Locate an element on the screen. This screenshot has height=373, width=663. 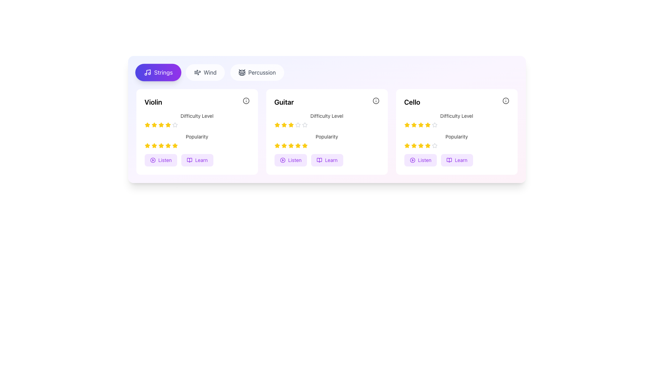
the wind category icon, which is the first graphical icon in the horizontal navigation section below the header, located to the left of the 'Wind' label is located at coordinates (197, 72).